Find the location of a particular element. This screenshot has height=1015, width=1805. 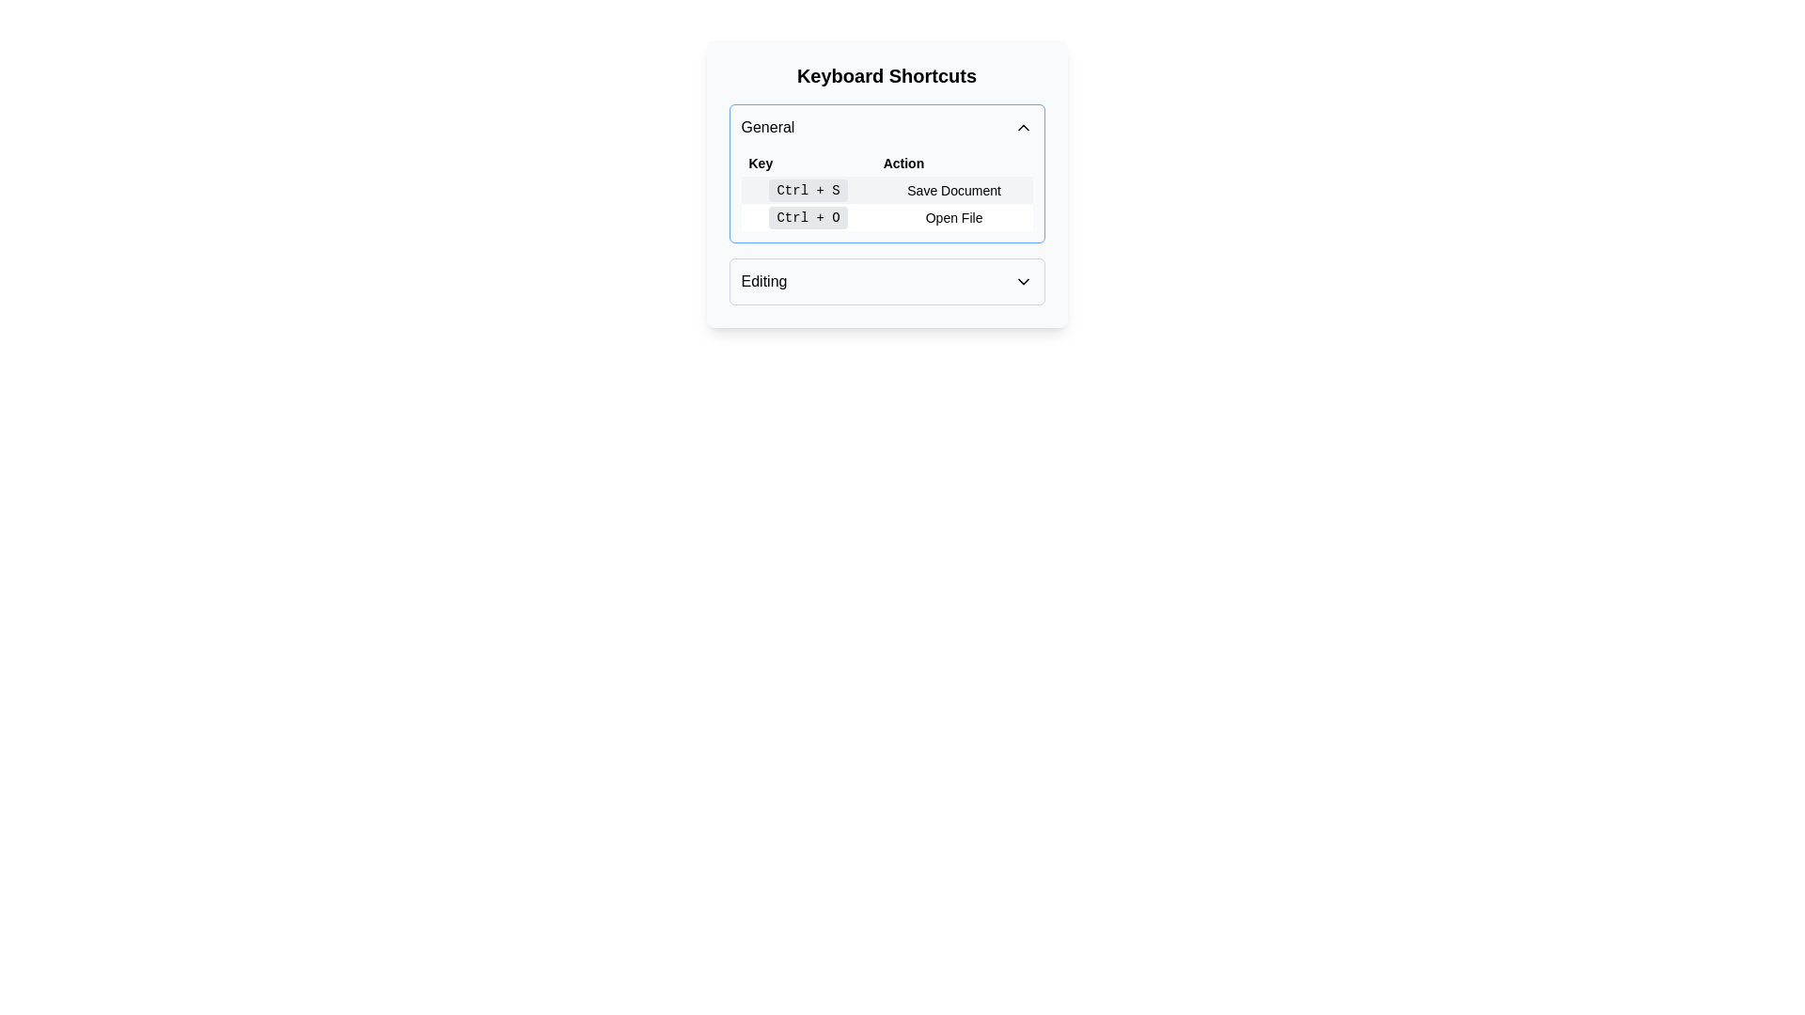

the text label with a gray background that contains the text 'Ctrl + S', which is the first entry in the 'Key' column of the table is located at coordinates (808, 191).